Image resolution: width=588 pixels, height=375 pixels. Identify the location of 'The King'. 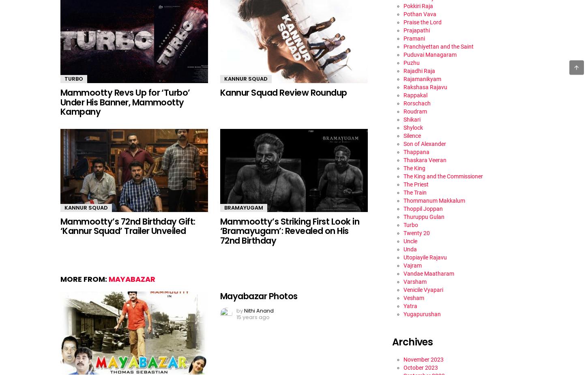
(414, 167).